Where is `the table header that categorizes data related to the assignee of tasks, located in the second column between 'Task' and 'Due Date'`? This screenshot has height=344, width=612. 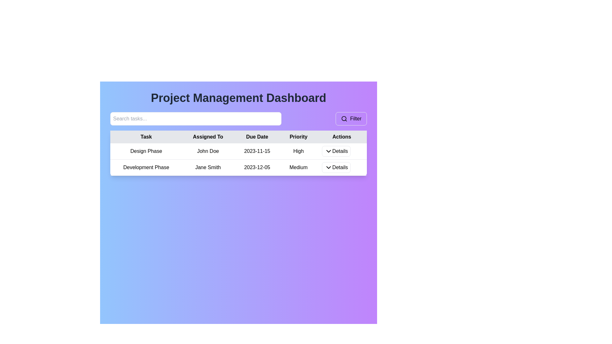
the table header that categorizes data related to the assignee of tasks, located in the second column between 'Task' and 'Due Date' is located at coordinates (208, 136).